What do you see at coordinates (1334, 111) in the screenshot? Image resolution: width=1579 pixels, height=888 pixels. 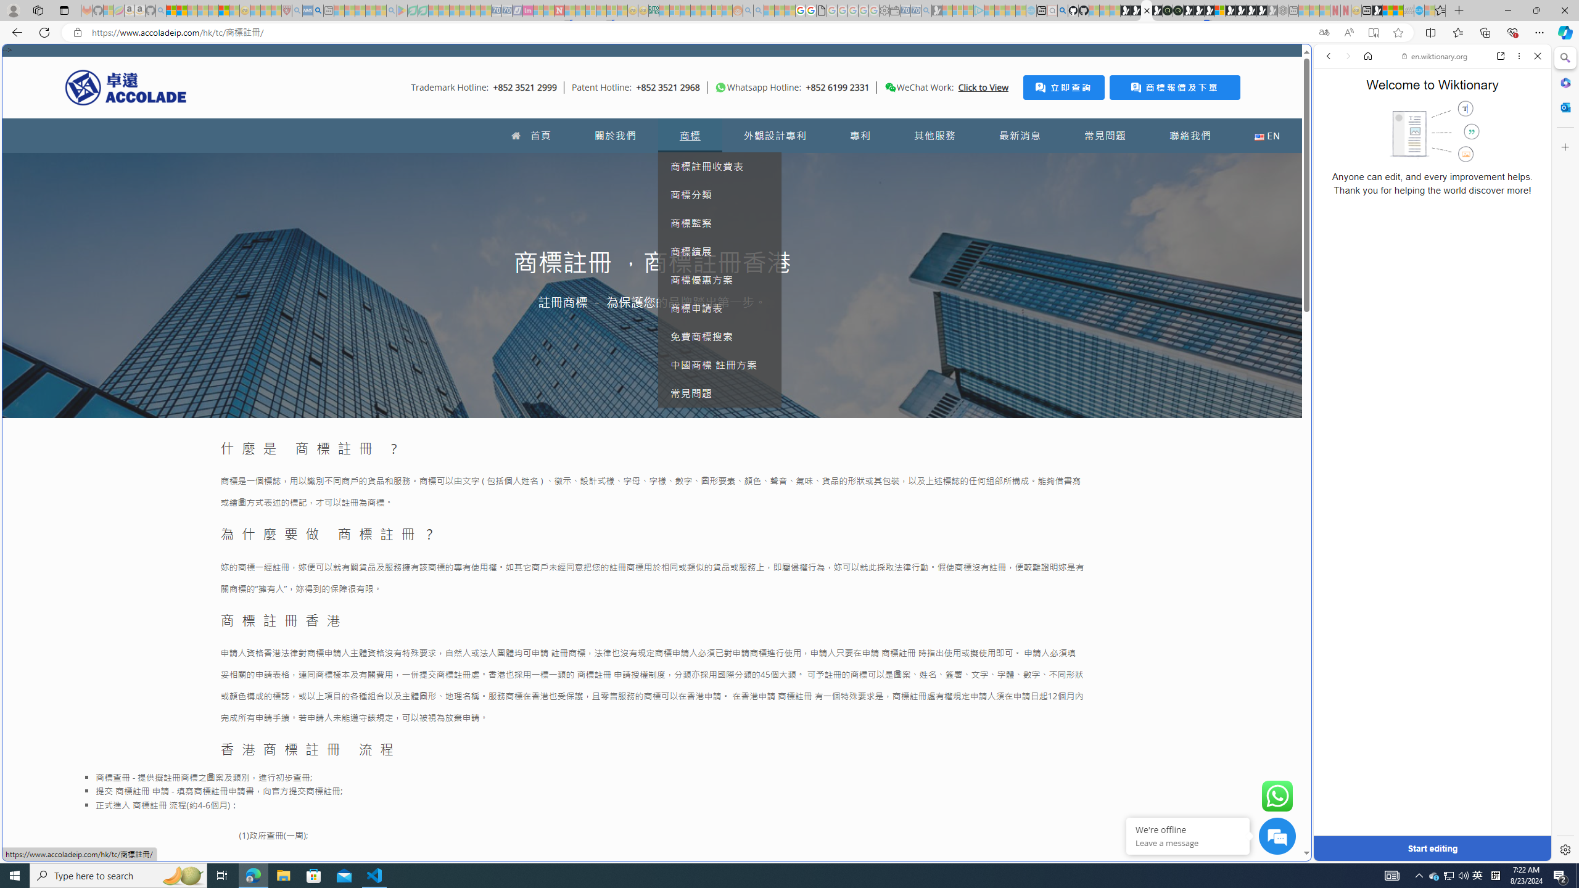 I see `'Web scope'` at bounding box center [1334, 111].